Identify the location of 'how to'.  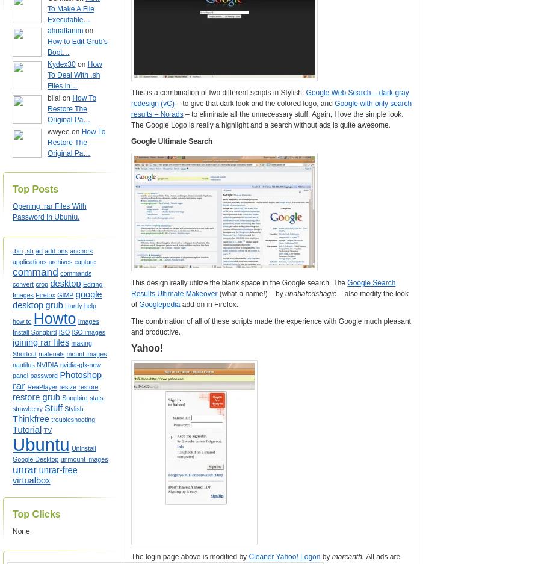
(11, 320).